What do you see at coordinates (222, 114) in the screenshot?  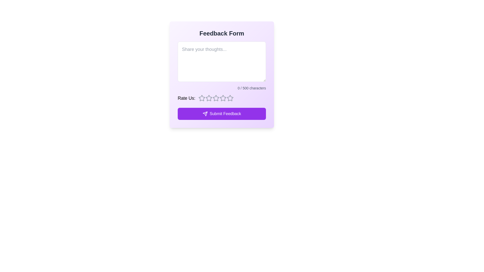 I see `the feedback submission button, which is the last visible element in the feedback form, to observe the color change` at bounding box center [222, 114].